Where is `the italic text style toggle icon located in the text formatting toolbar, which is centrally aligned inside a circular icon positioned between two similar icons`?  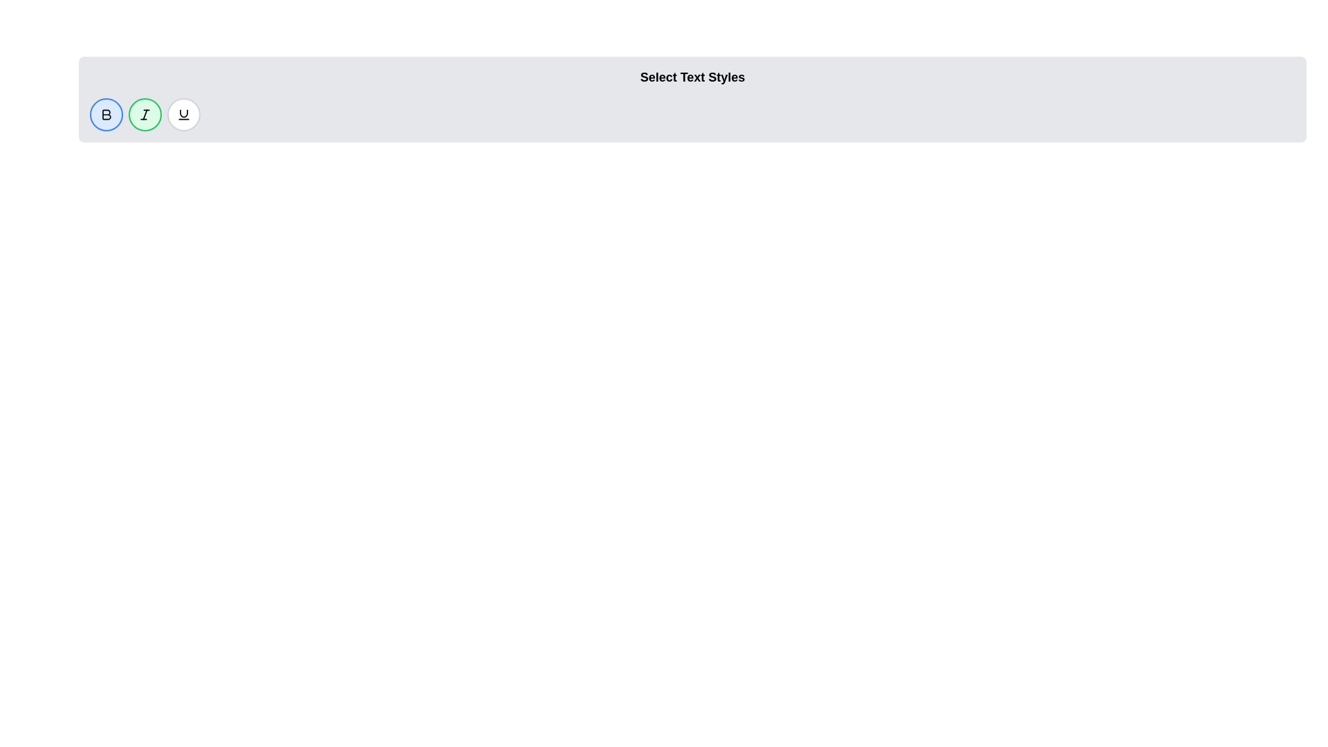
the italic text style toggle icon located in the text formatting toolbar, which is centrally aligned inside a circular icon positioned between two similar icons is located at coordinates (145, 113).